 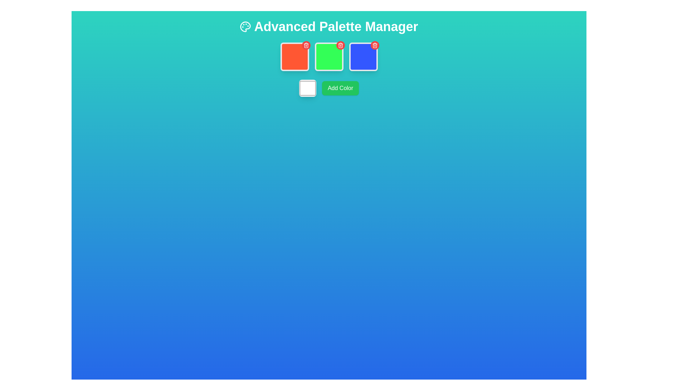 I want to click on the green square button with rounded corners and a red delete icon in the Advanced Palette Manager interface, so click(x=328, y=56).